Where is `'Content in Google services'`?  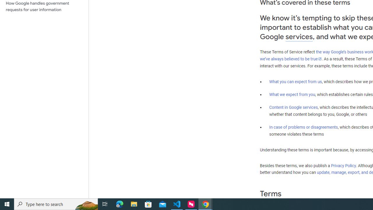
'Content in Google services' is located at coordinates (293, 107).